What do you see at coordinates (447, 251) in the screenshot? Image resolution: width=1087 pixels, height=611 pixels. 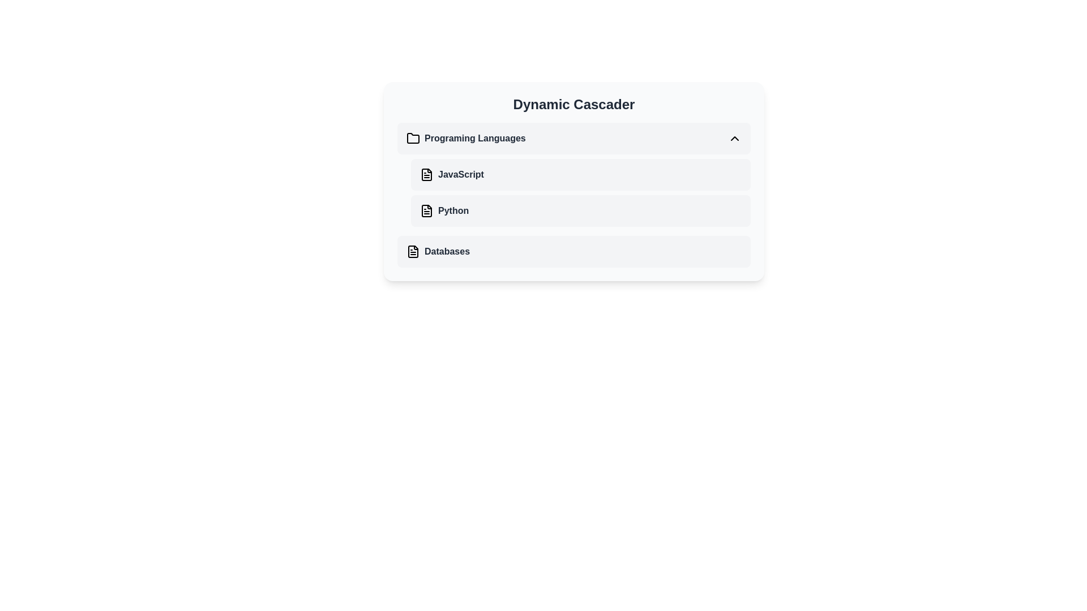 I see `the bold text label displaying 'Databases', which is aligned horizontally with a document icon to its left, positioned at the bottom of a vertical list within a card-like layout` at bounding box center [447, 251].